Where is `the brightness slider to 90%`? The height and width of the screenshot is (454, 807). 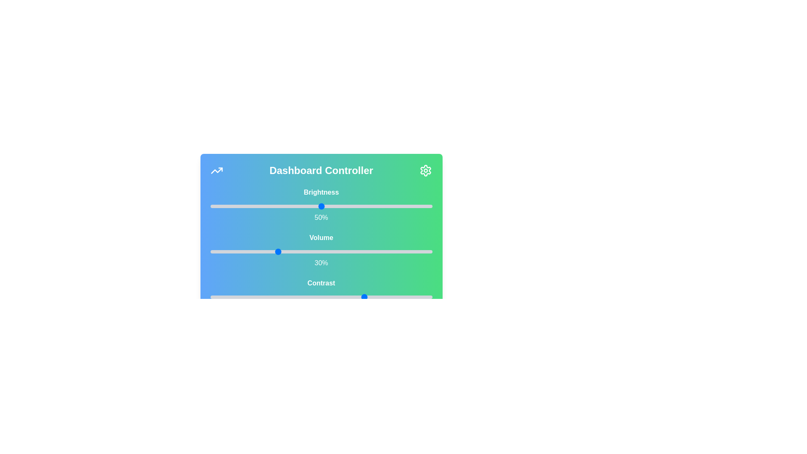
the brightness slider to 90% is located at coordinates (410, 206).